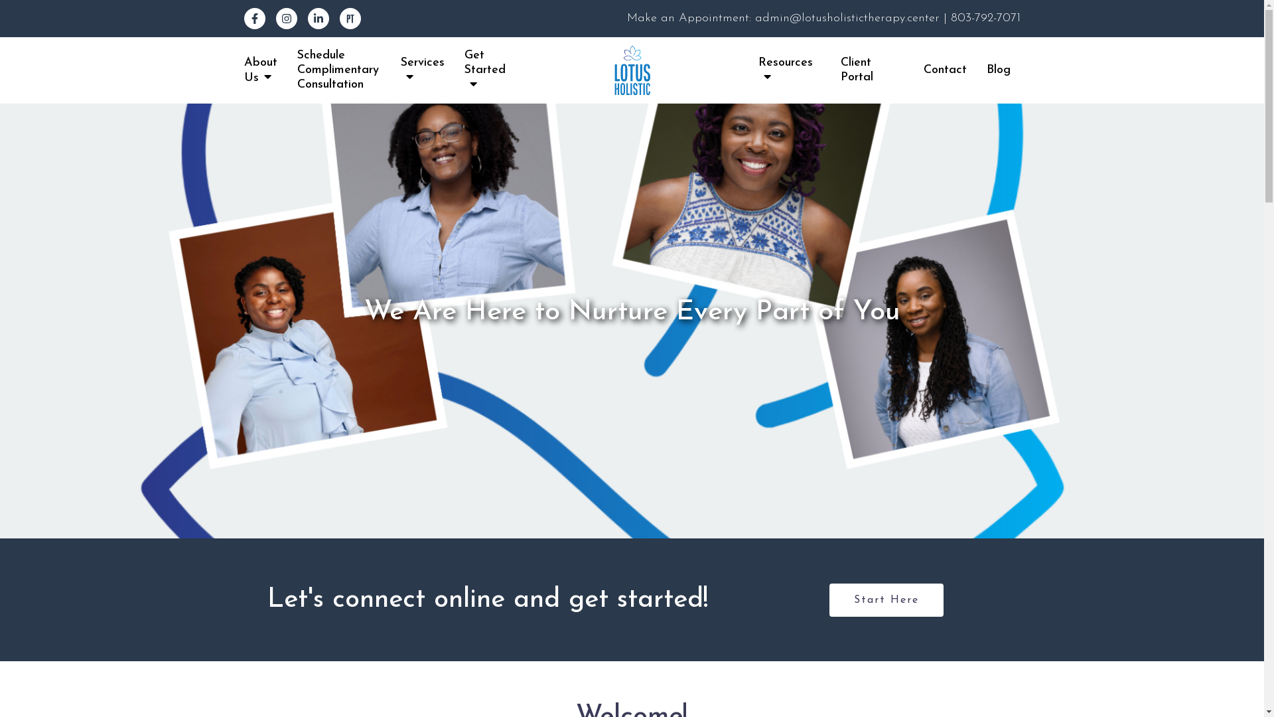 The image size is (1274, 717). Describe the element at coordinates (944, 70) in the screenshot. I see `'Contact'` at that location.